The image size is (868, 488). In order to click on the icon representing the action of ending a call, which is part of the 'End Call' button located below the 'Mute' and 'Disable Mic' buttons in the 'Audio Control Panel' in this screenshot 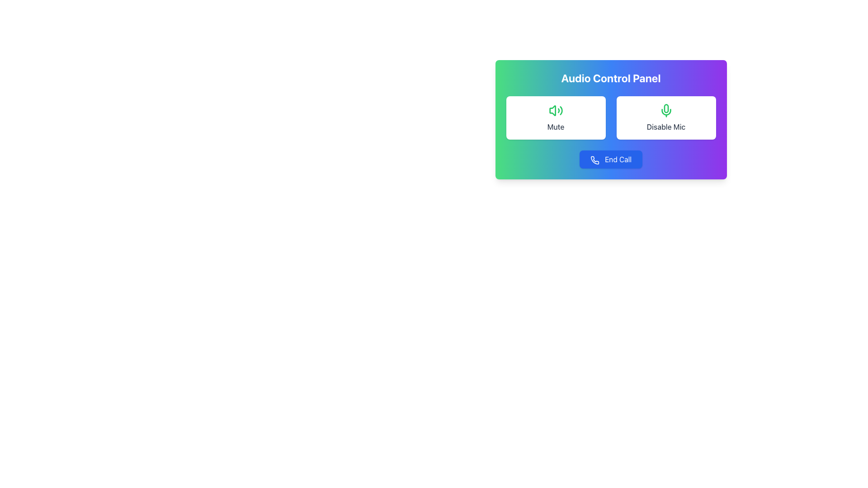, I will do `click(594, 160)`.